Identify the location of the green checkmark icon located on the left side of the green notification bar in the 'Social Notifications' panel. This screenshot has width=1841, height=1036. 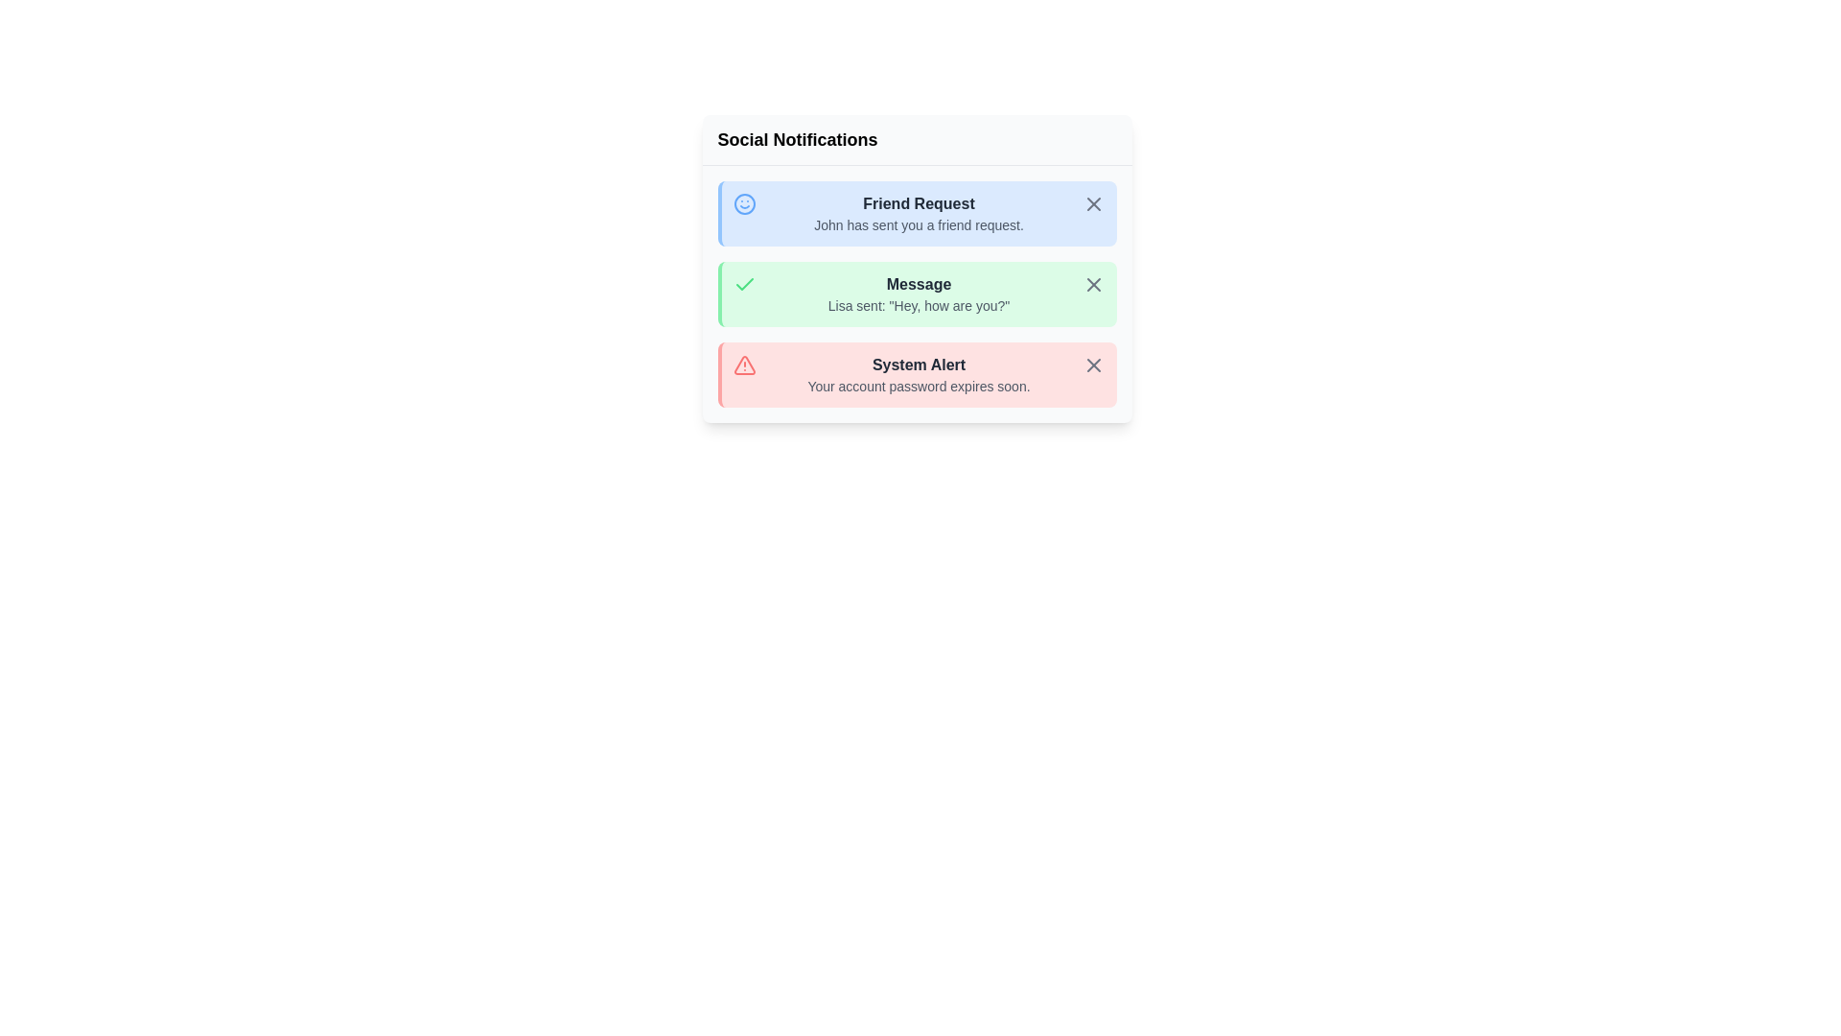
(743, 285).